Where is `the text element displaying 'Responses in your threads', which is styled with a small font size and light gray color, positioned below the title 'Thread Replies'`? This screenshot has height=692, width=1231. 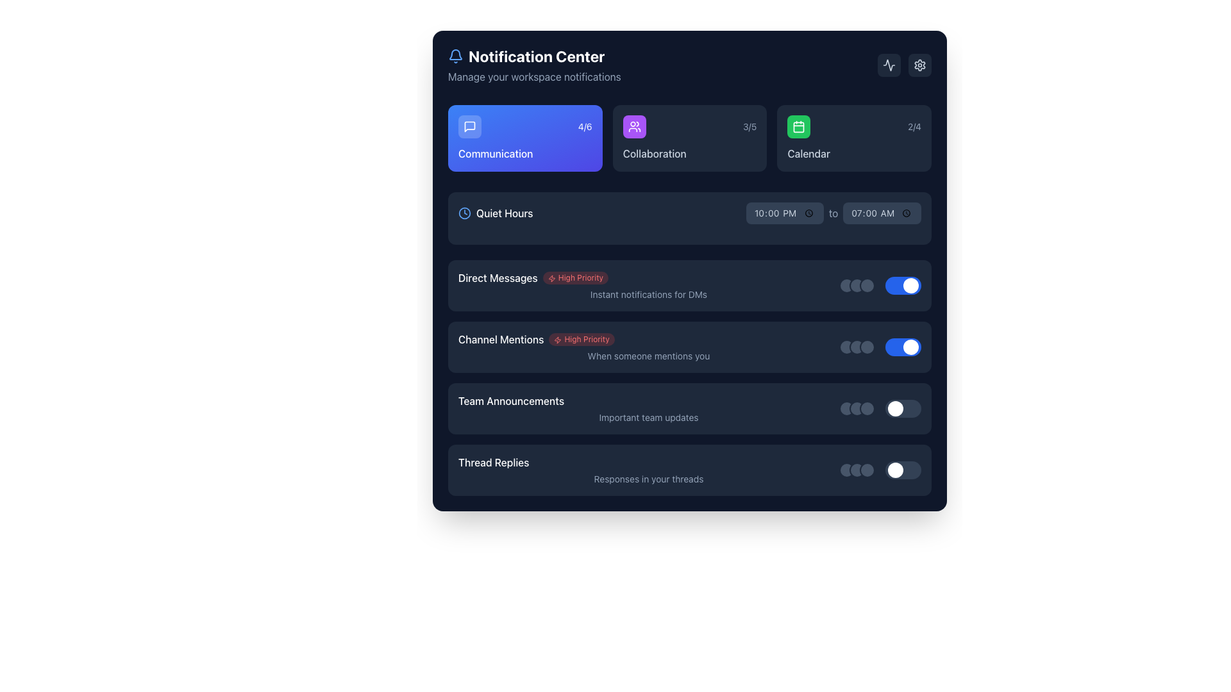
the text element displaying 'Responses in your threads', which is styled with a small font size and light gray color, positioned below the title 'Thread Replies' is located at coordinates (649, 479).